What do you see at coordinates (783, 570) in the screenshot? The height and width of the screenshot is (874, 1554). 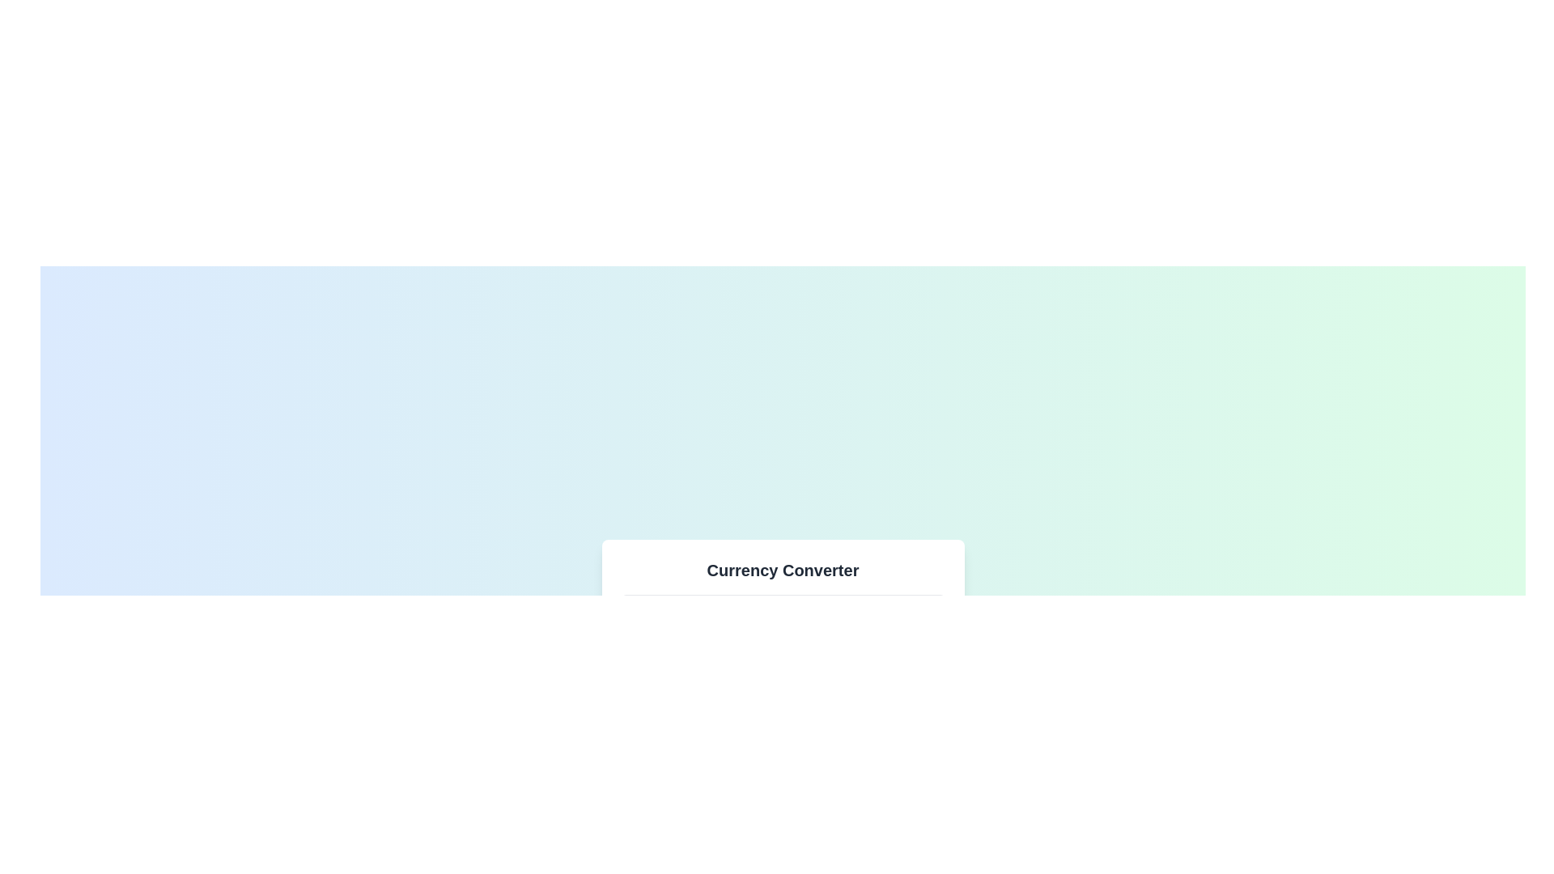 I see `the static text header that serves as the title for the currency conversion content, located in the upper-middle part of a white rectangular box with rounded corners and shadow effects` at bounding box center [783, 570].